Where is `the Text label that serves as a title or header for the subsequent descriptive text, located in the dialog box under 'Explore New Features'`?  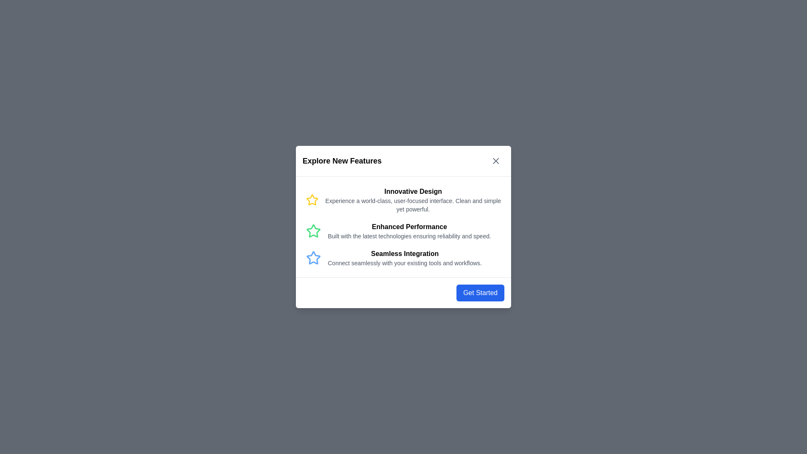
the Text label that serves as a title or header for the subsequent descriptive text, located in the dialog box under 'Explore New Features' is located at coordinates (413, 191).